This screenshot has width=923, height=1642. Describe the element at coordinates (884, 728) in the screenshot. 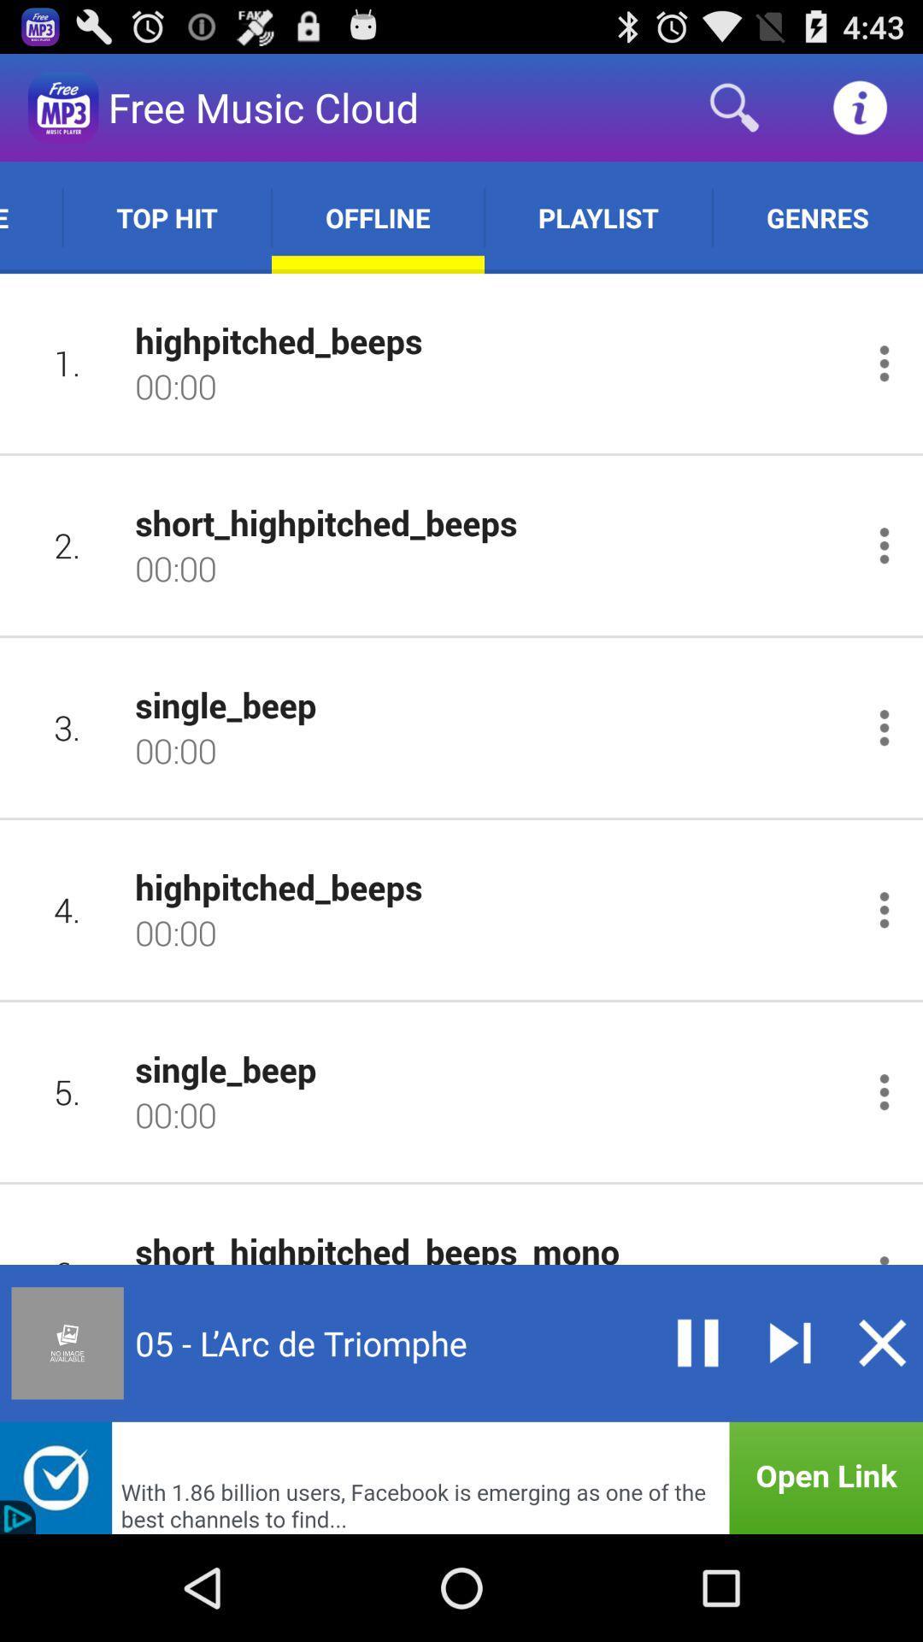

I see `other options` at that location.